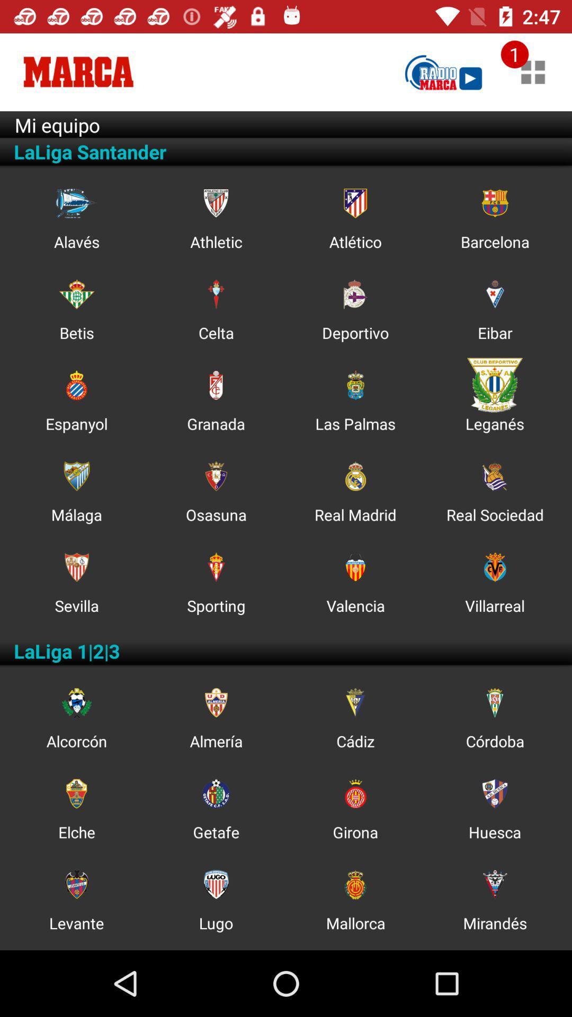  What do you see at coordinates (216, 476) in the screenshot?
I see `the icon which is above the text osasuna` at bounding box center [216, 476].